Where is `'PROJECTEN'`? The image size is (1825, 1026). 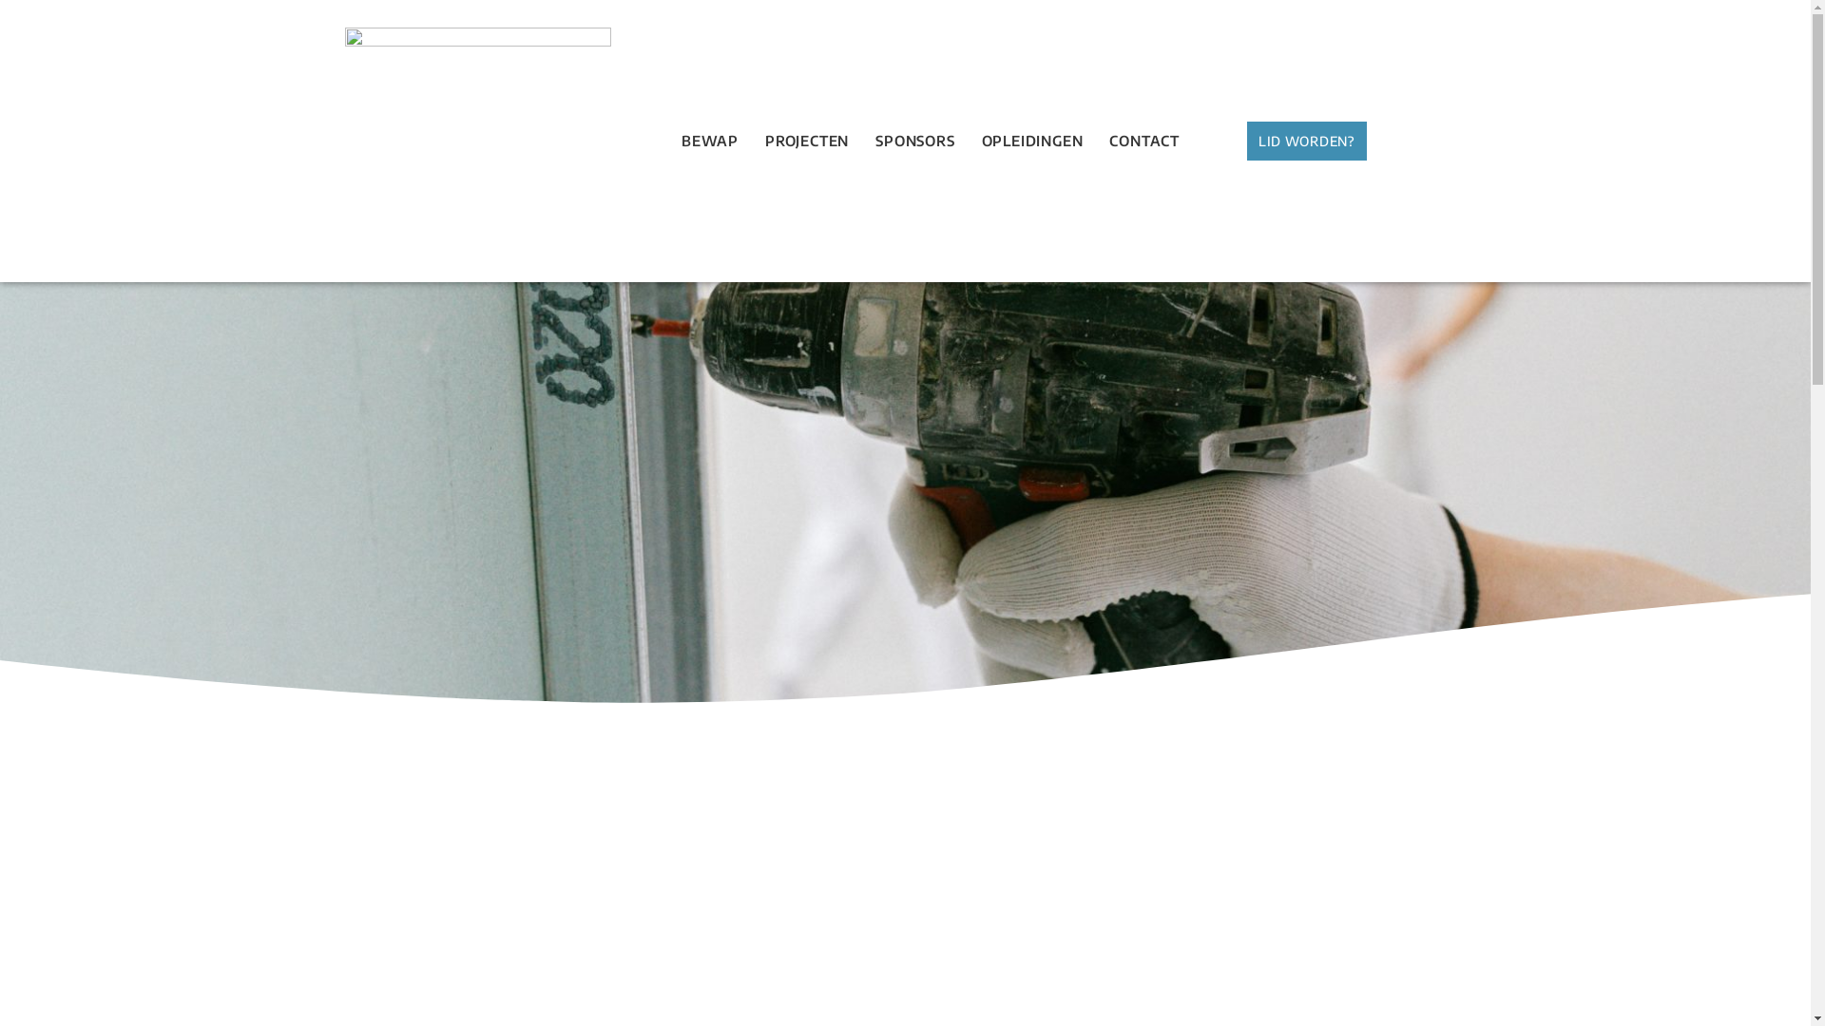
'PROJECTEN' is located at coordinates (807, 140).